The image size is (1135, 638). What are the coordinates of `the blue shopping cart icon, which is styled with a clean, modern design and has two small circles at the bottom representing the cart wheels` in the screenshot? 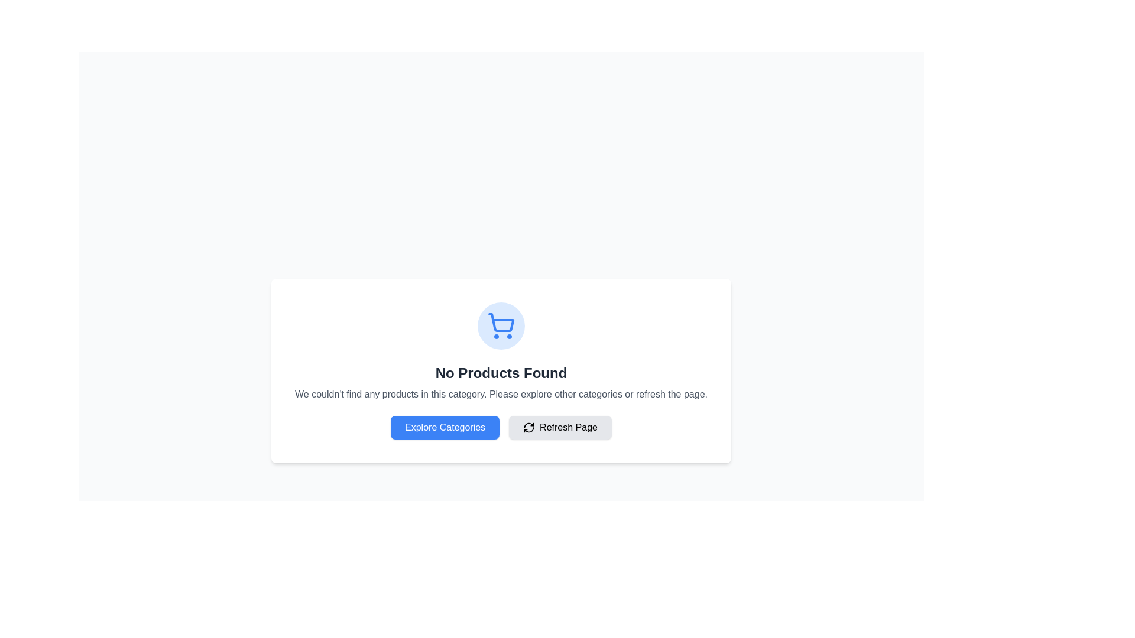 It's located at (501, 325).